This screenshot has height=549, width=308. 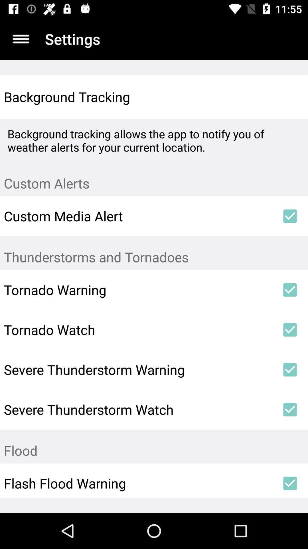 I want to click on the icon below thunderstorms and tornadoes item, so click(x=290, y=290).